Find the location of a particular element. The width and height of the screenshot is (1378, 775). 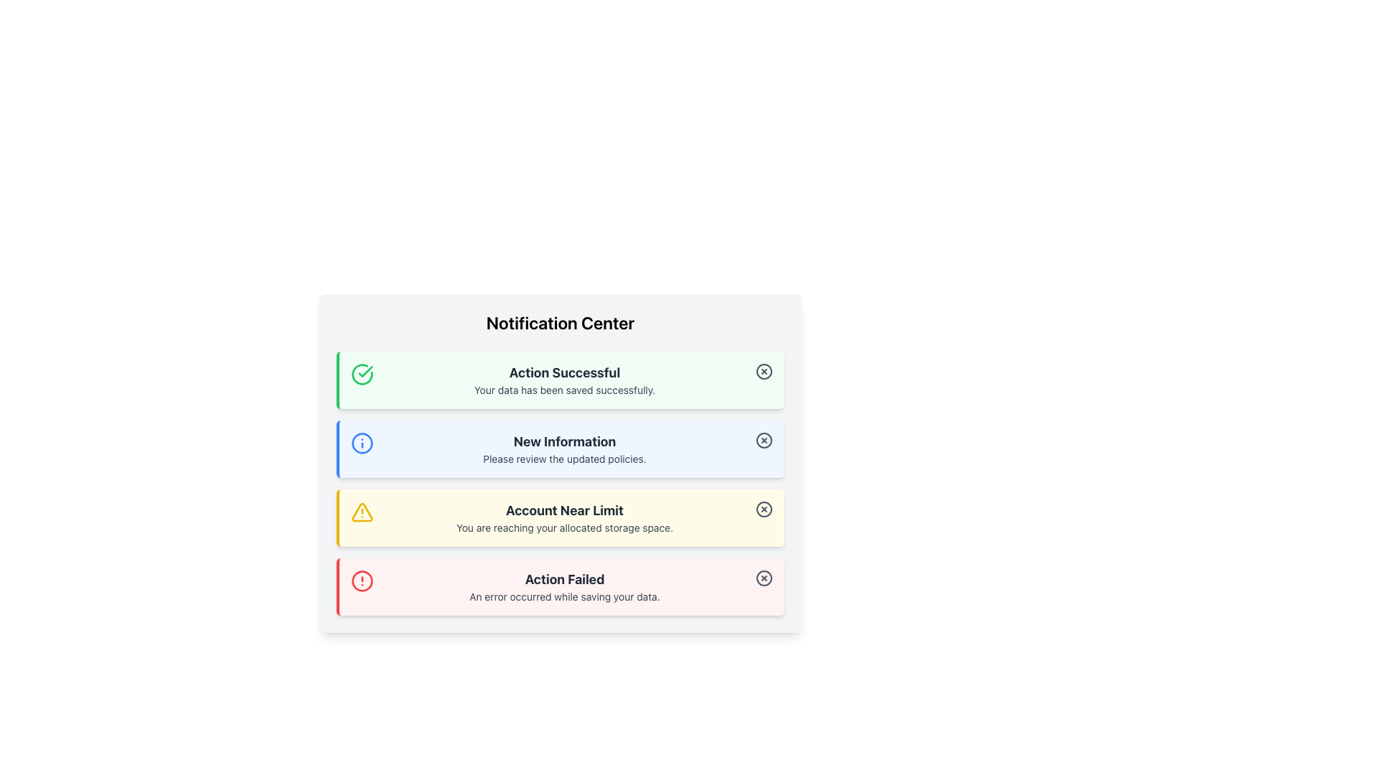

the close button for the 'New Information' notification is located at coordinates (764, 439).